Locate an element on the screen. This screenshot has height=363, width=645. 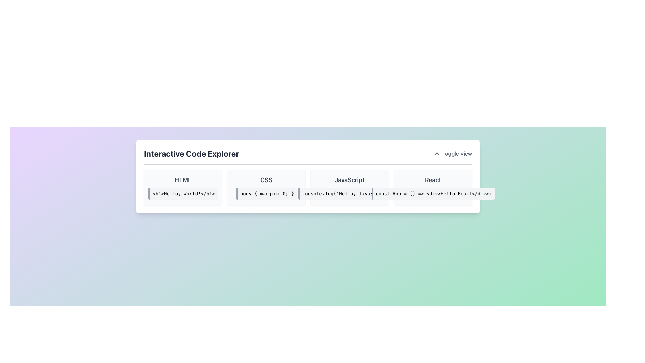
the 'React' text label, which is a bold, medium-large grayish label located in the JavaScript section of the interactive code explorer interface is located at coordinates (433, 180).